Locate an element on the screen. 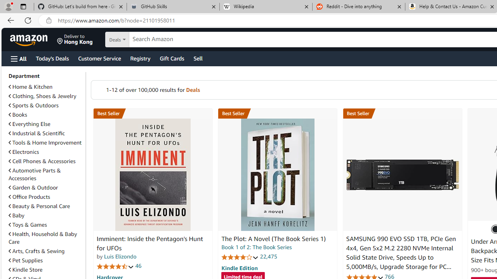 This screenshot has height=279, width=497. 'Wikipedia' is located at coordinates (266, 7).